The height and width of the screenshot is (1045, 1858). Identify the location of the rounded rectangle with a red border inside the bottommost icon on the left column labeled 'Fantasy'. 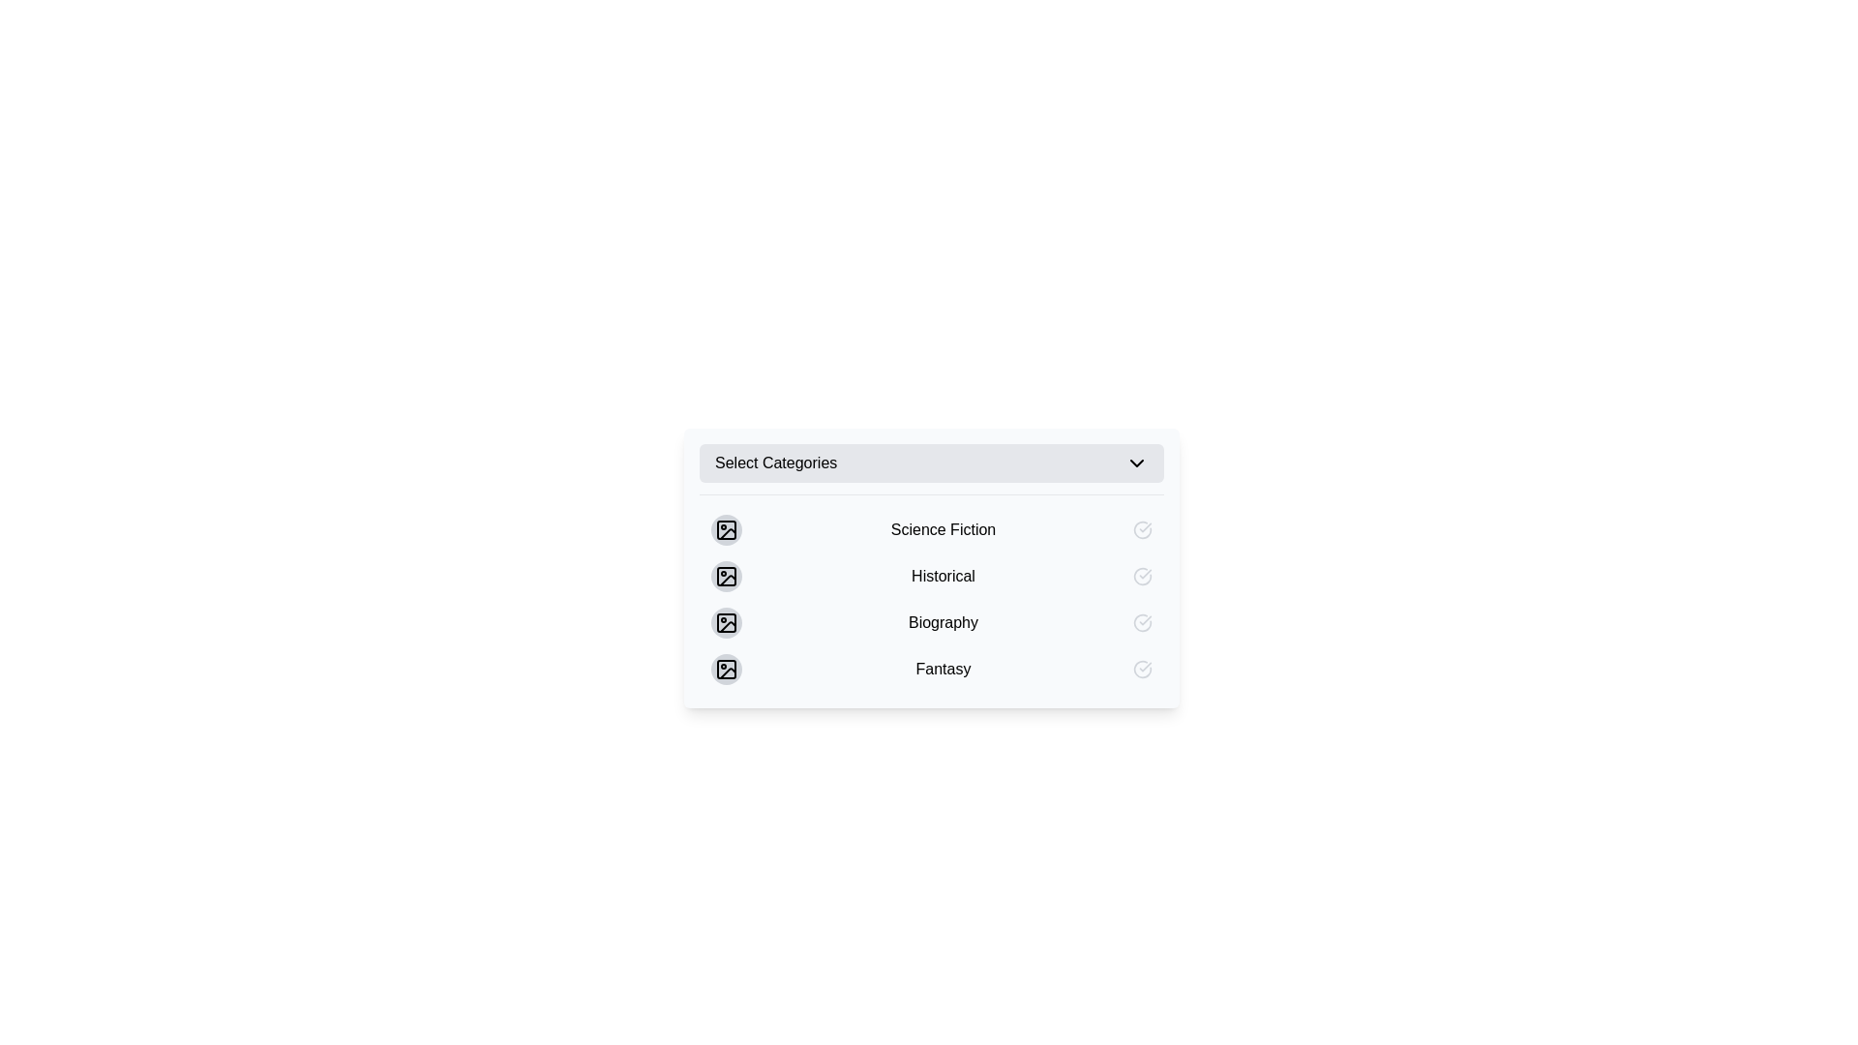
(725, 668).